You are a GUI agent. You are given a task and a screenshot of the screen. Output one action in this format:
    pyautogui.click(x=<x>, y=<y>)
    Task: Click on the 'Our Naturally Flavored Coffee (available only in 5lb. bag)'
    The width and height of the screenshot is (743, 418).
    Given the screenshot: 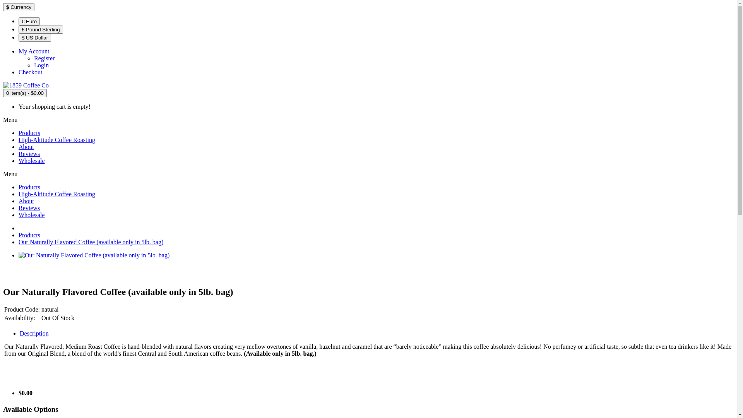 What is the action you would take?
    pyautogui.click(x=91, y=242)
    